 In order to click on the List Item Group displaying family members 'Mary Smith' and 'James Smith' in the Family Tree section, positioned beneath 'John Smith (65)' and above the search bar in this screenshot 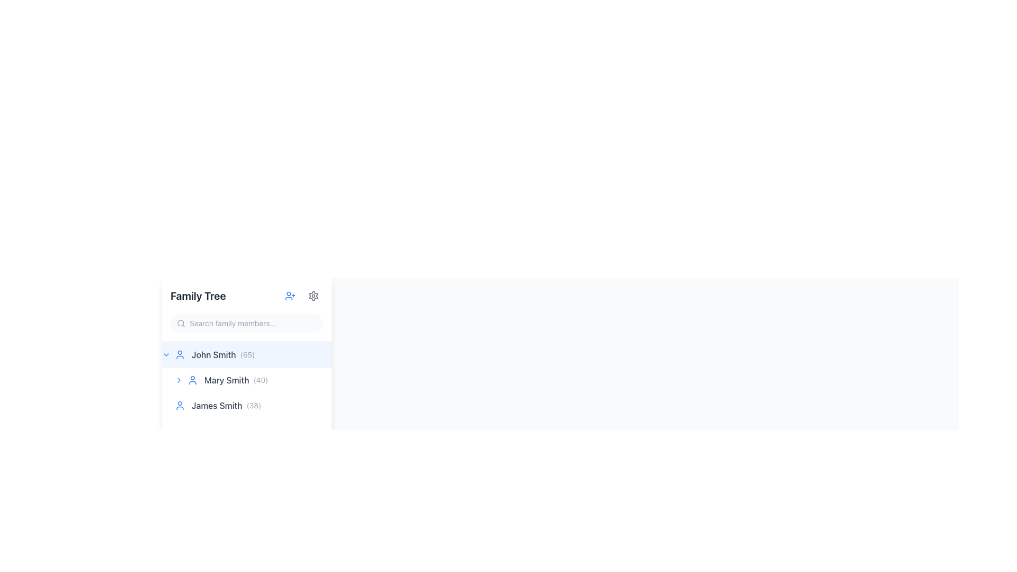, I will do `click(246, 392)`.